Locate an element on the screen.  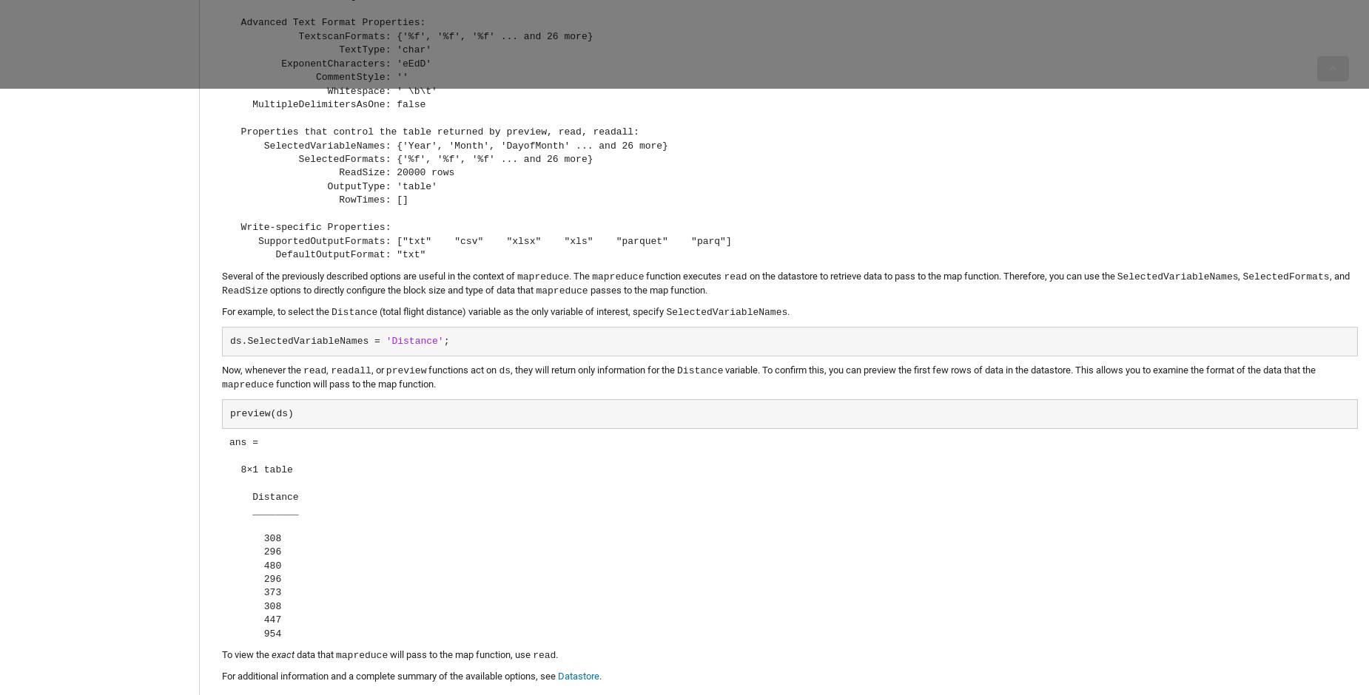
',
they will return only information for the' is located at coordinates (593, 370).